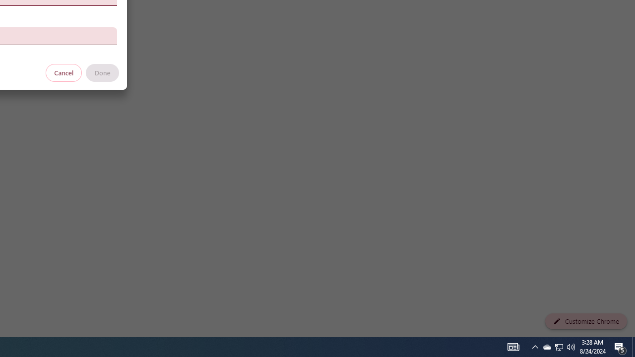 The width and height of the screenshot is (635, 357). Describe the element at coordinates (102, 72) in the screenshot. I see `'Done'` at that location.